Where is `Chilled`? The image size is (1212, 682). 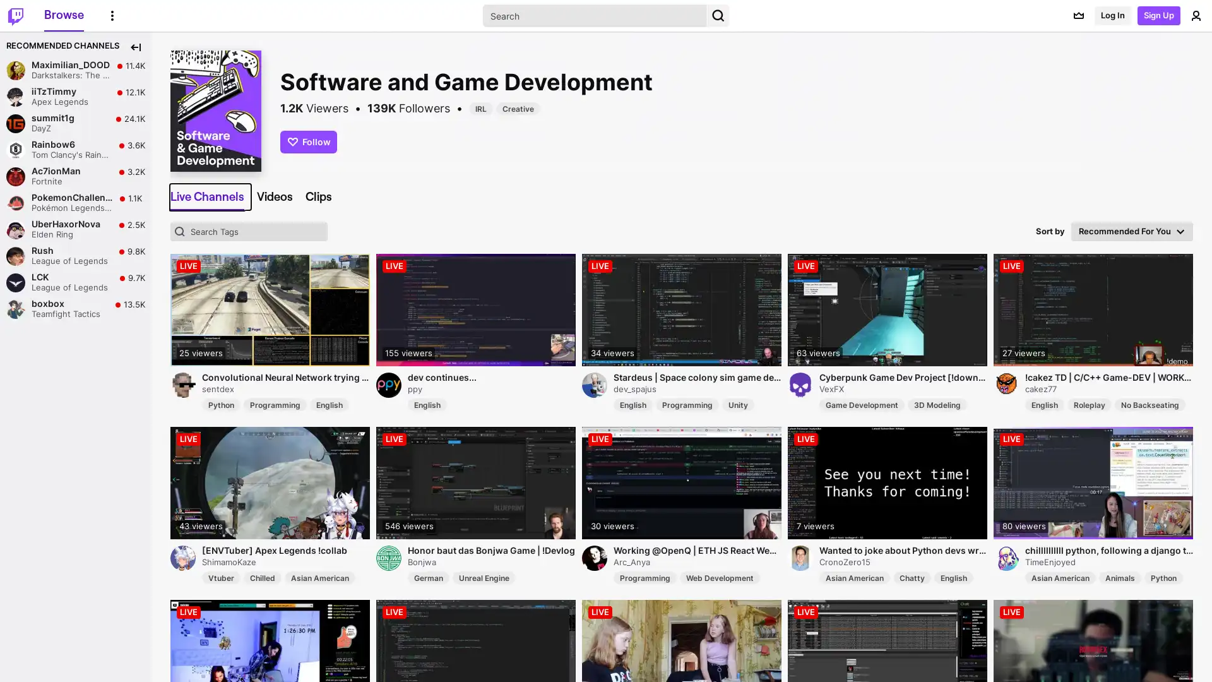
Chilled is located at coordinates (262, 577).